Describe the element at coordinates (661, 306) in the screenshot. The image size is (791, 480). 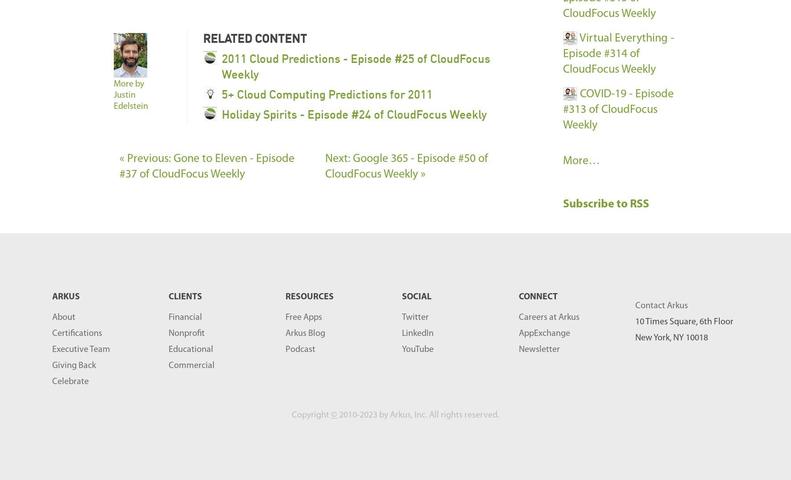
I see `'Contact Arkus'` at that location.